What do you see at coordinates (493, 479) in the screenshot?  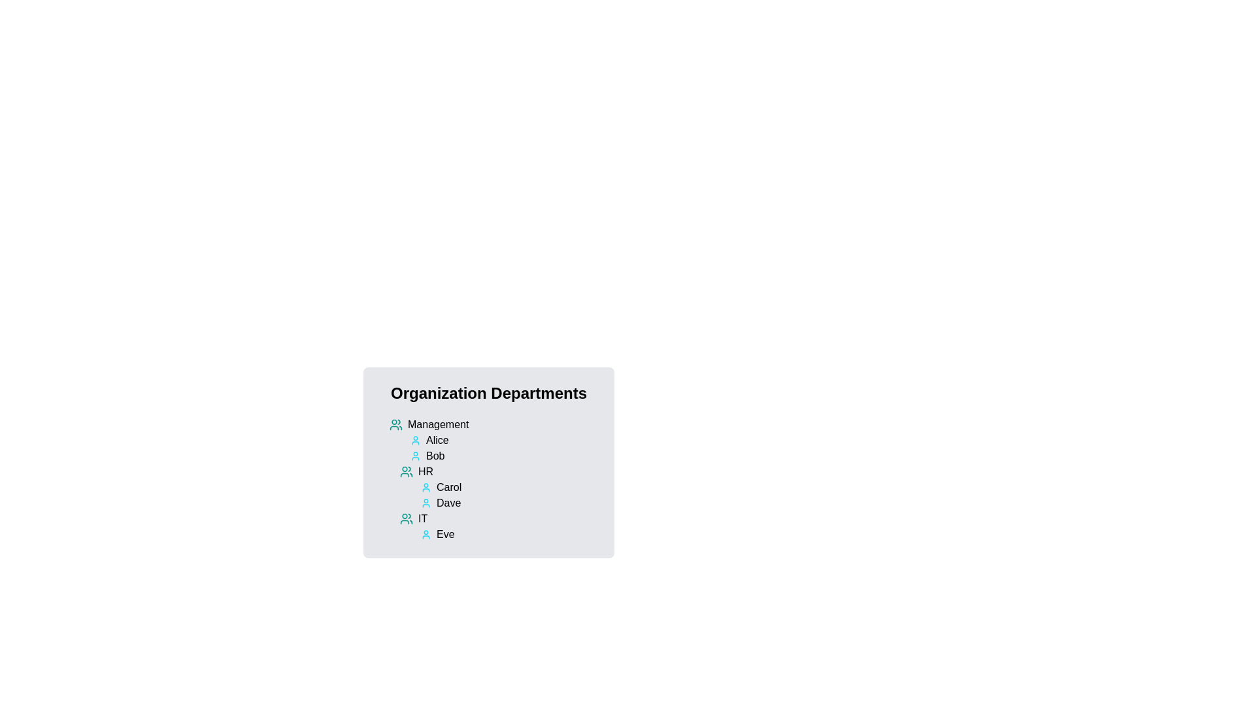 I see `the hierarchical grouping component displaying IT department data, which is located in the bottom right quadrant of the interface` at bounding box center [493, 479].